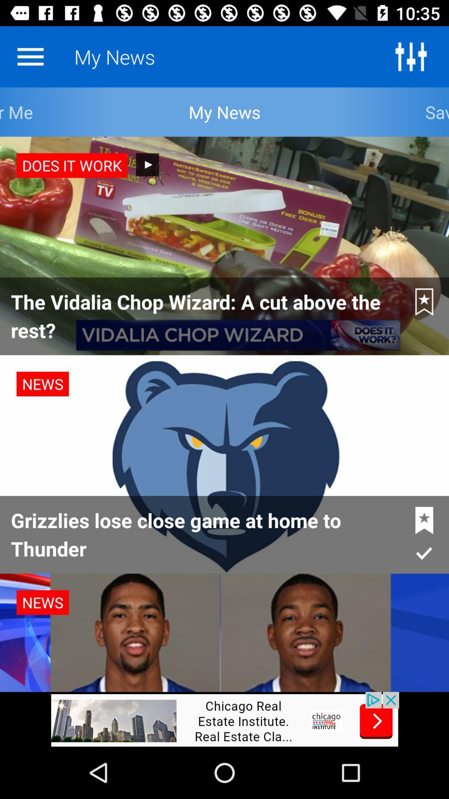 This screenshot has height=799, width=449. Describe the element at coordinates (224, 719) in the screenshot. I see `advertisement page` at that location.